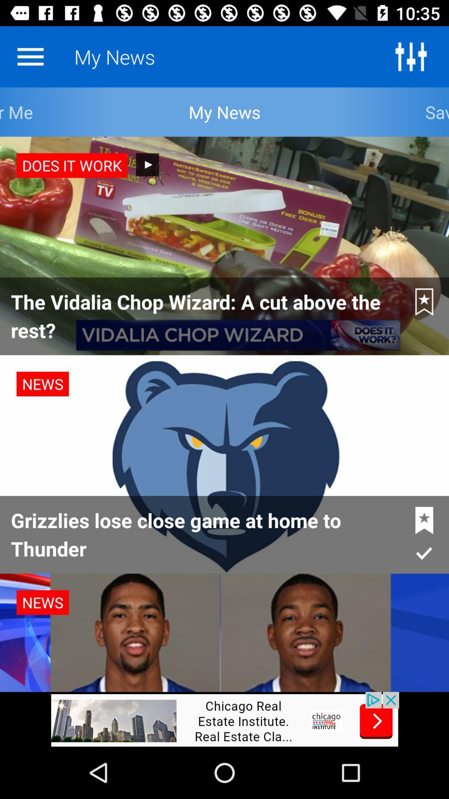 This screenshot has height=799, width=449. Describe the element at coordinates (224, 719) in the screenshot. I see `advertisement page` at that location.